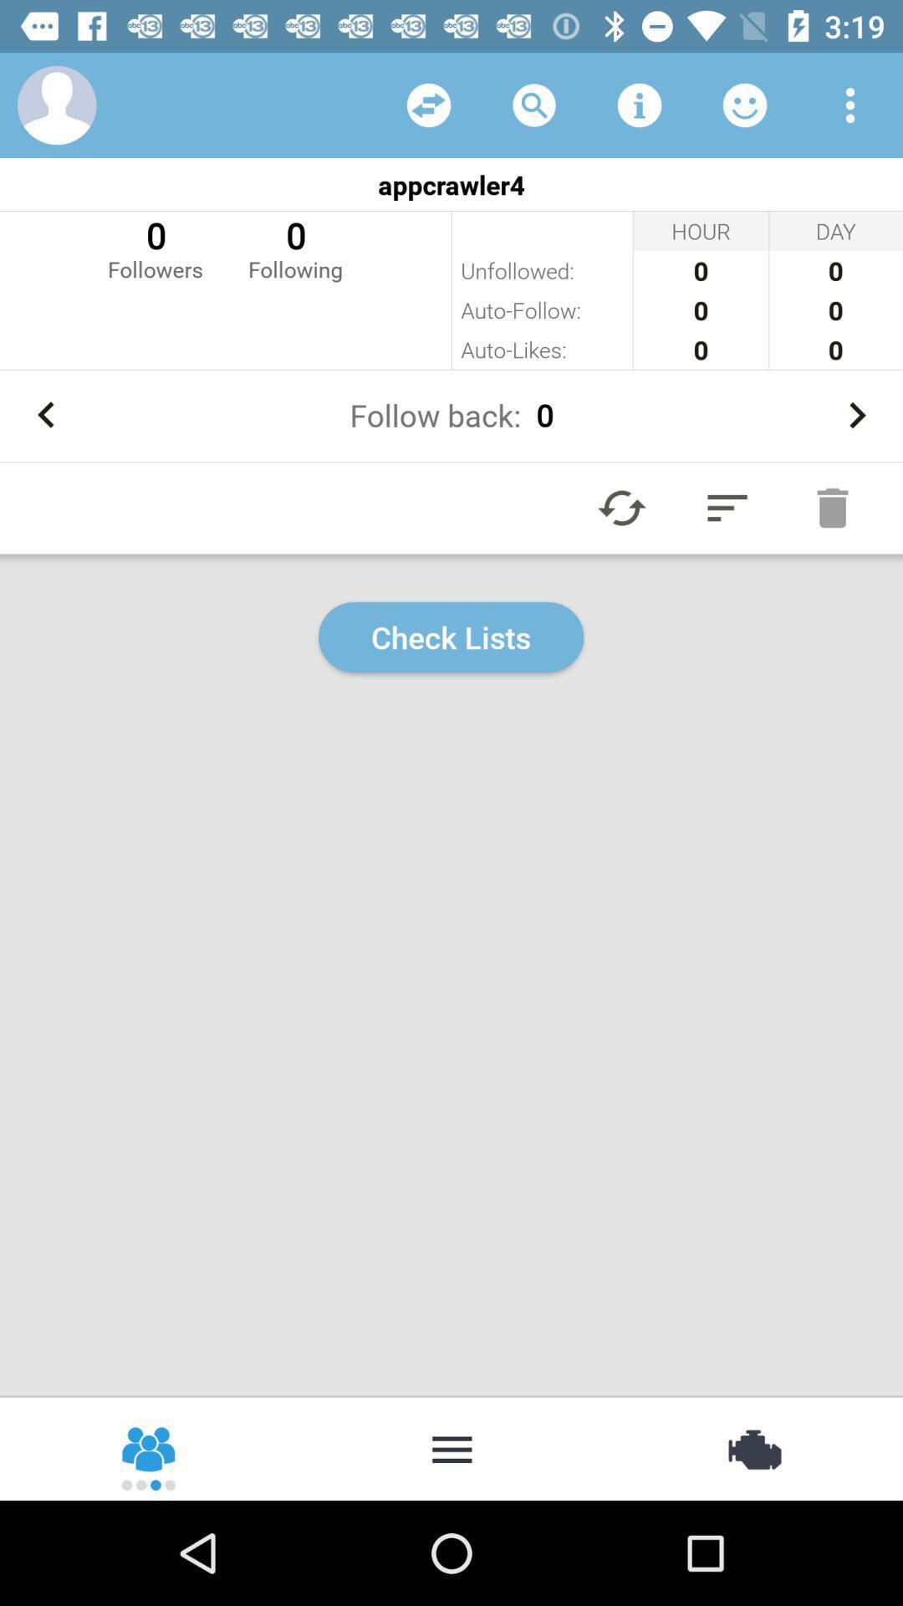 The image size is (903, 1606). I want to click on additional options, so click(451, 1447).